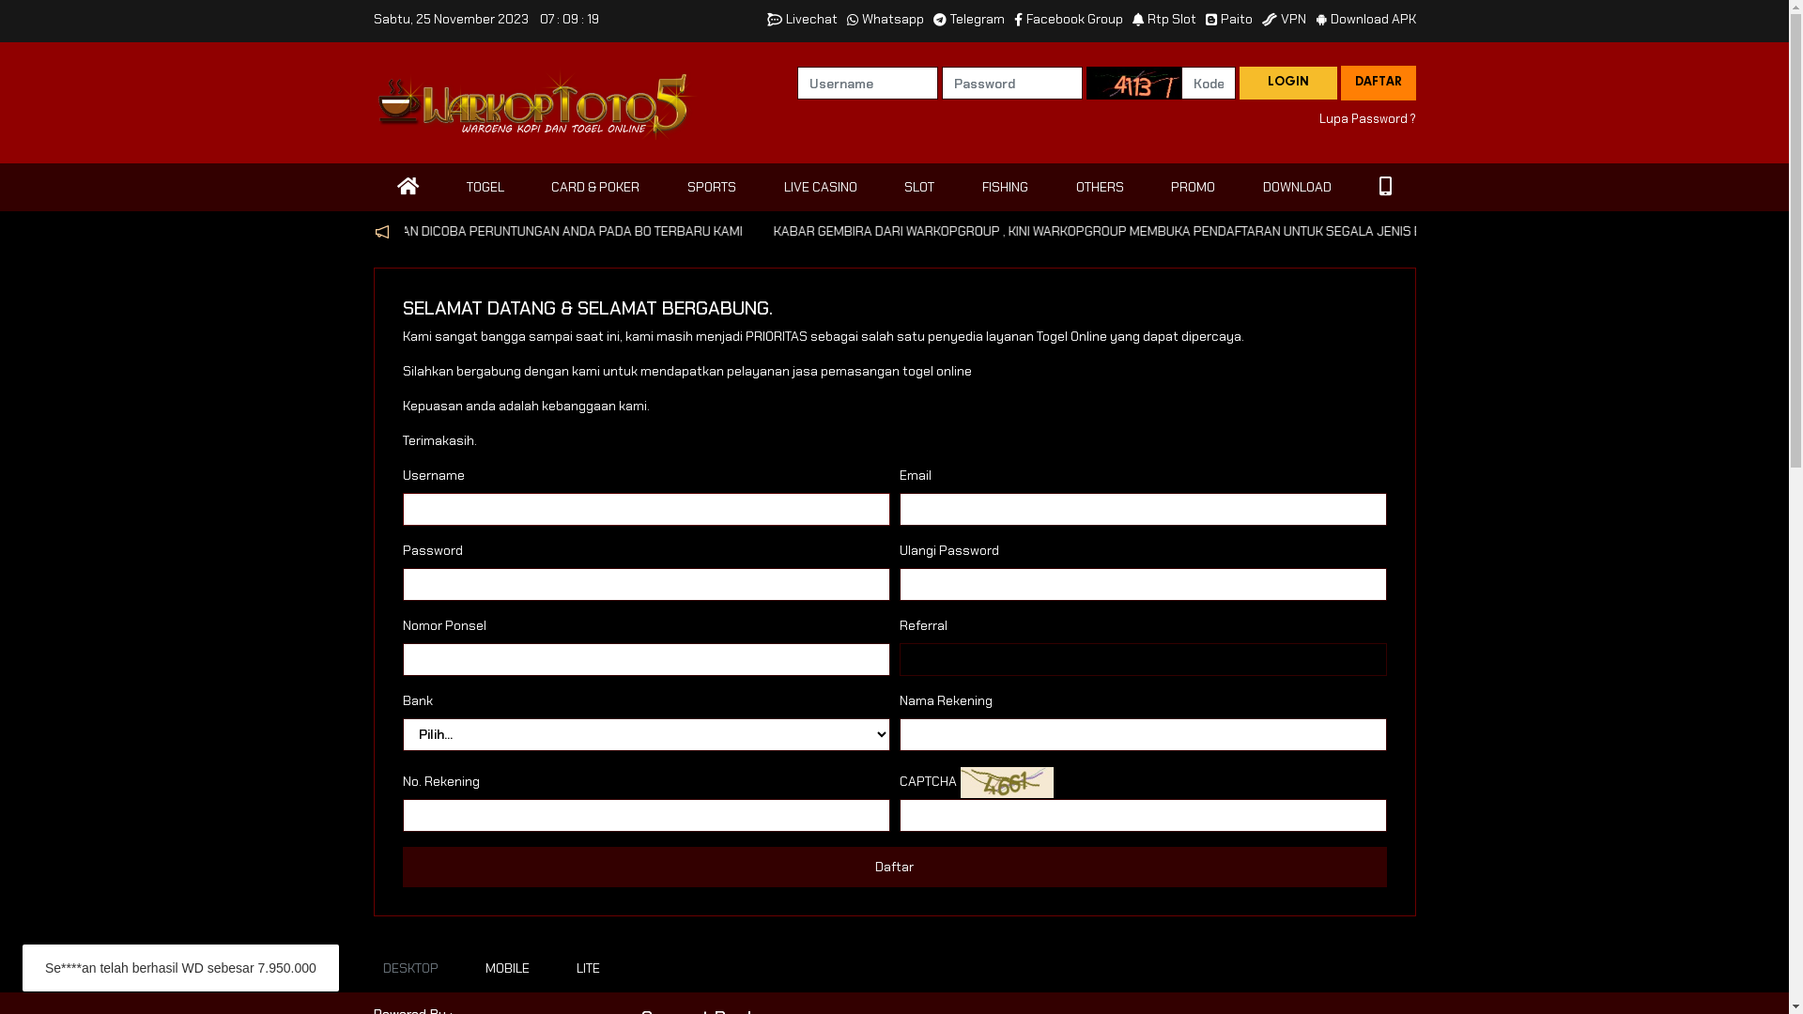  I want to click on 'Download APK', so click(1364, 19).